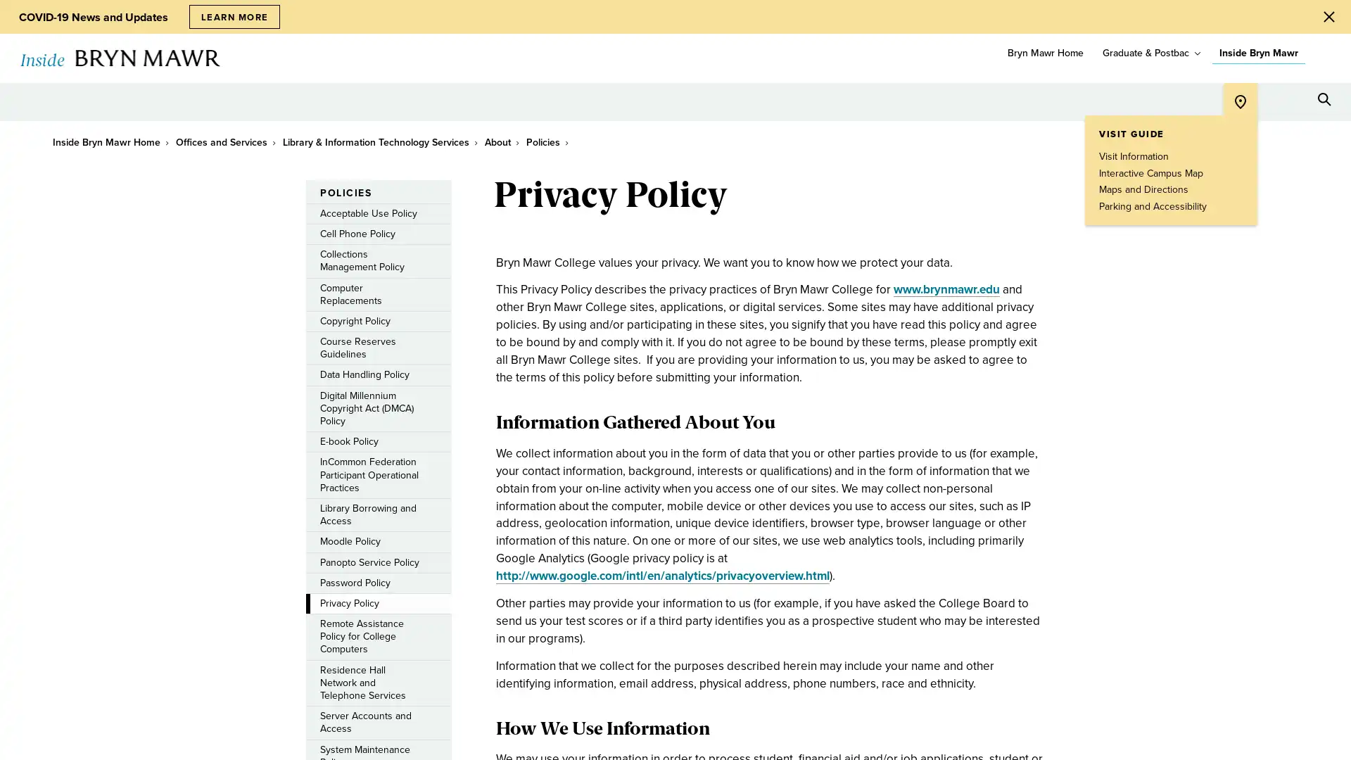 This screenshot has height=760, width=1351. I want to click on Search, so click(1323, 99).